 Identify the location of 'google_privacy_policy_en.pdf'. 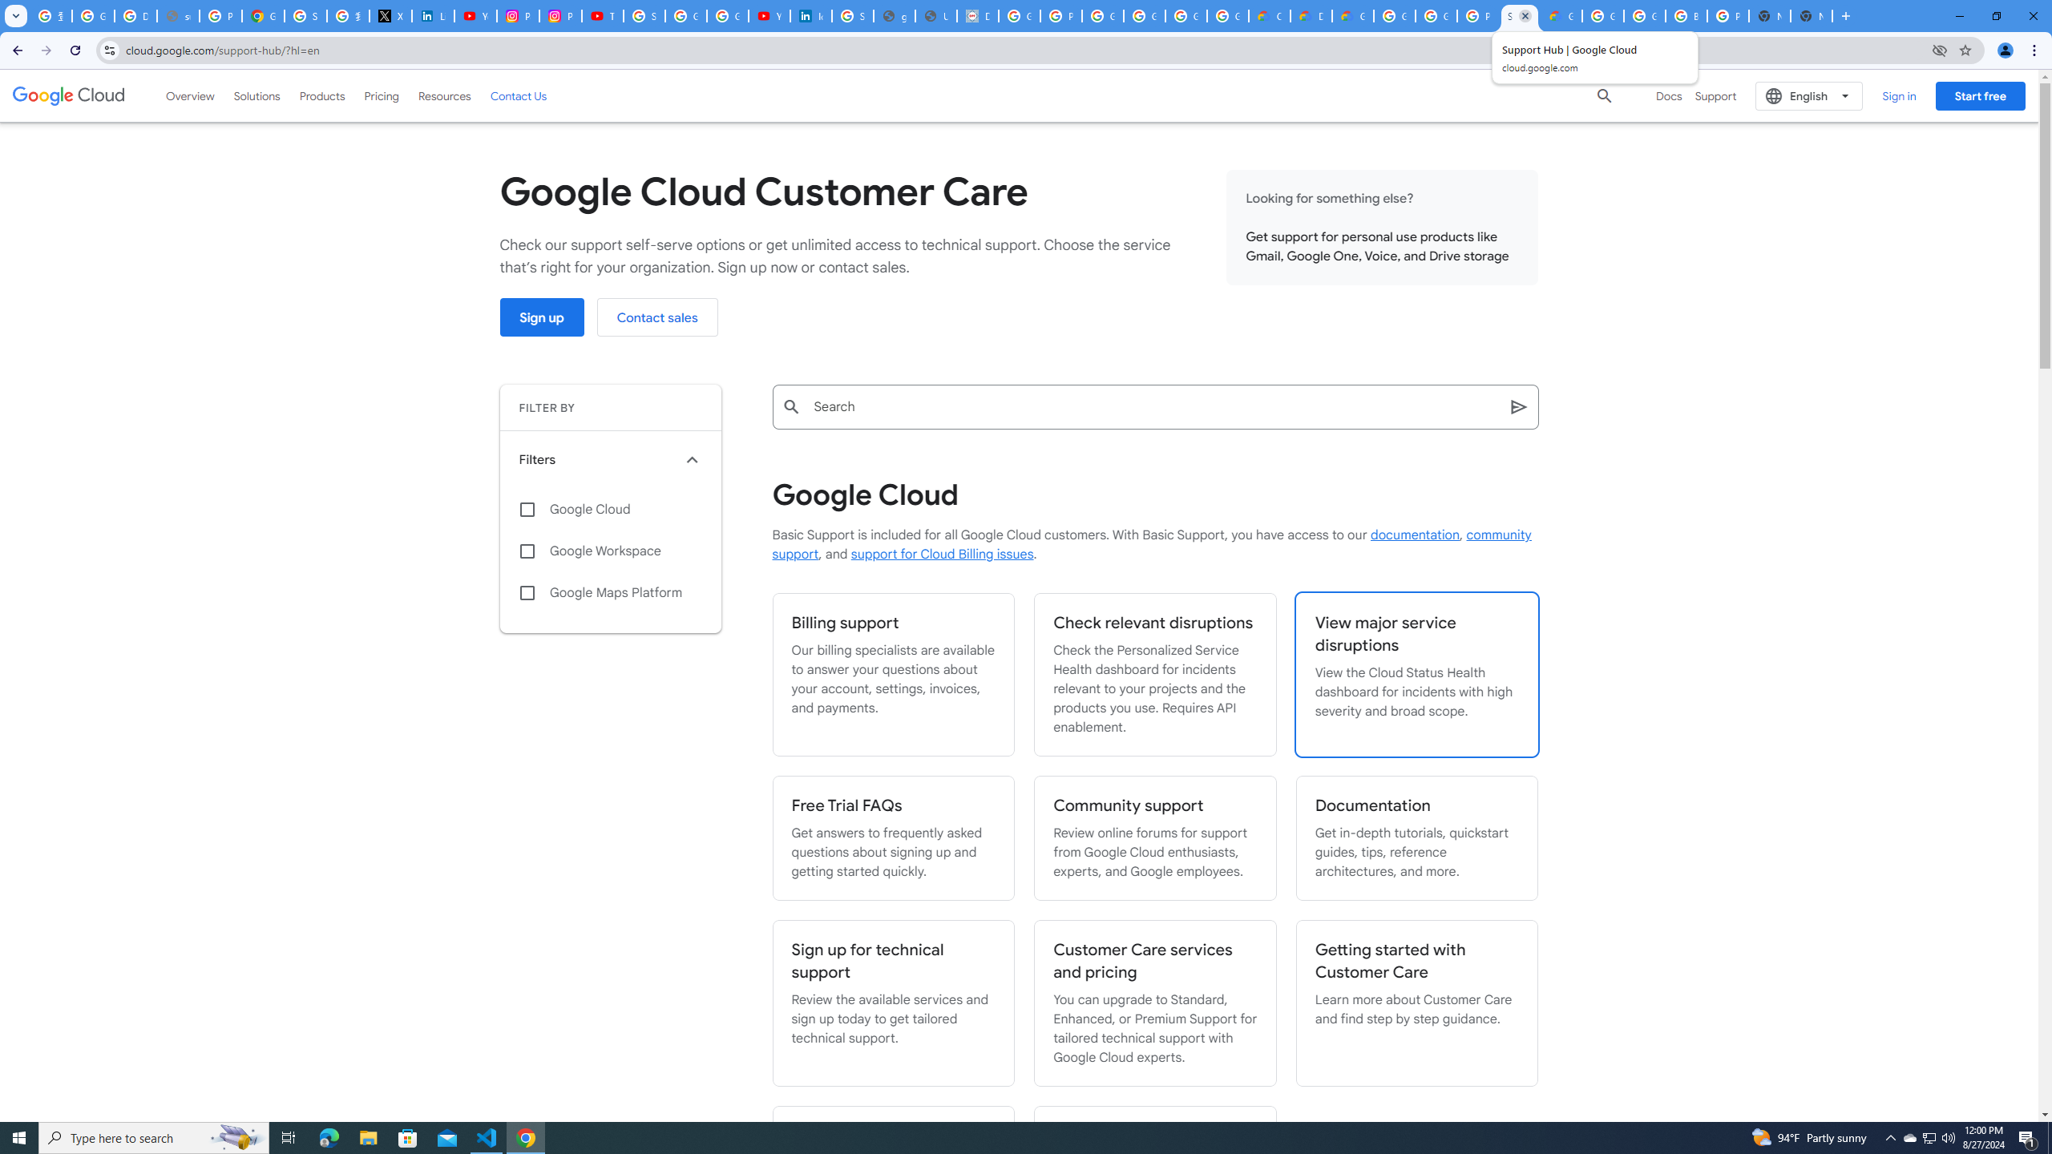
(895, 15).